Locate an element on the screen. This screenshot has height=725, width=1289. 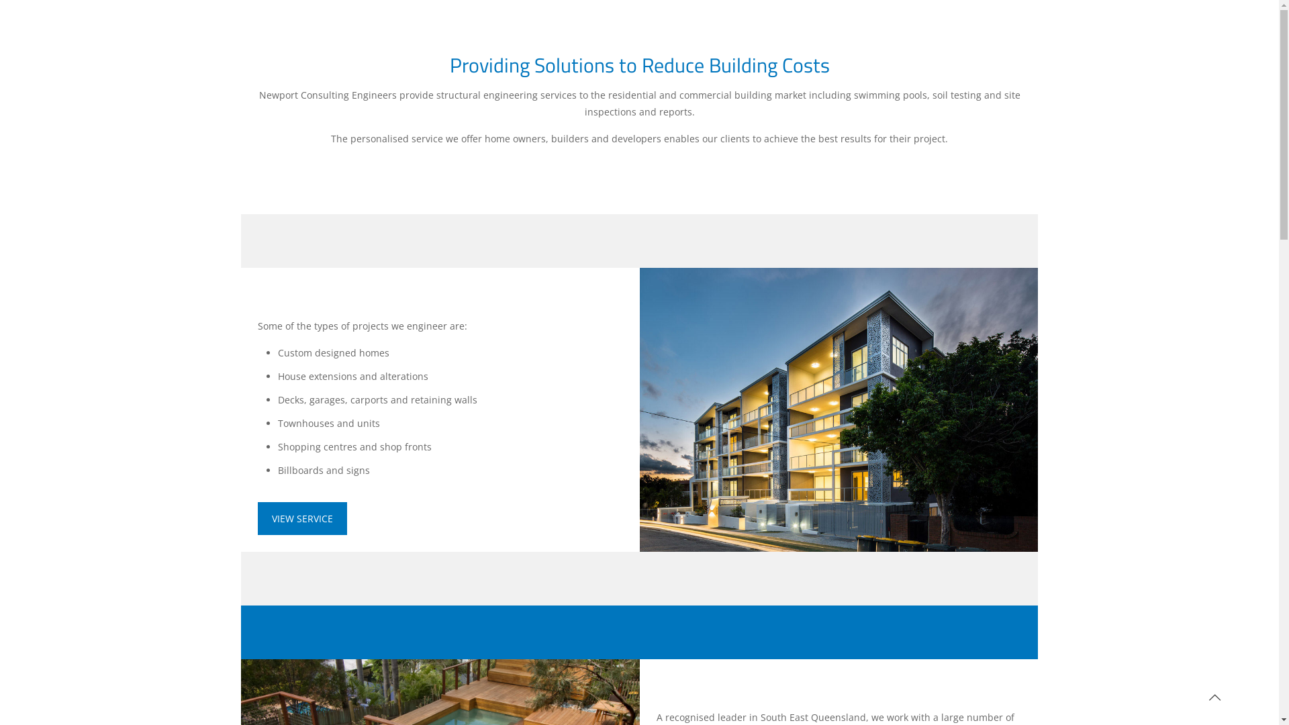
'VIEW SERVICE' is located at coordinates (301, 518).